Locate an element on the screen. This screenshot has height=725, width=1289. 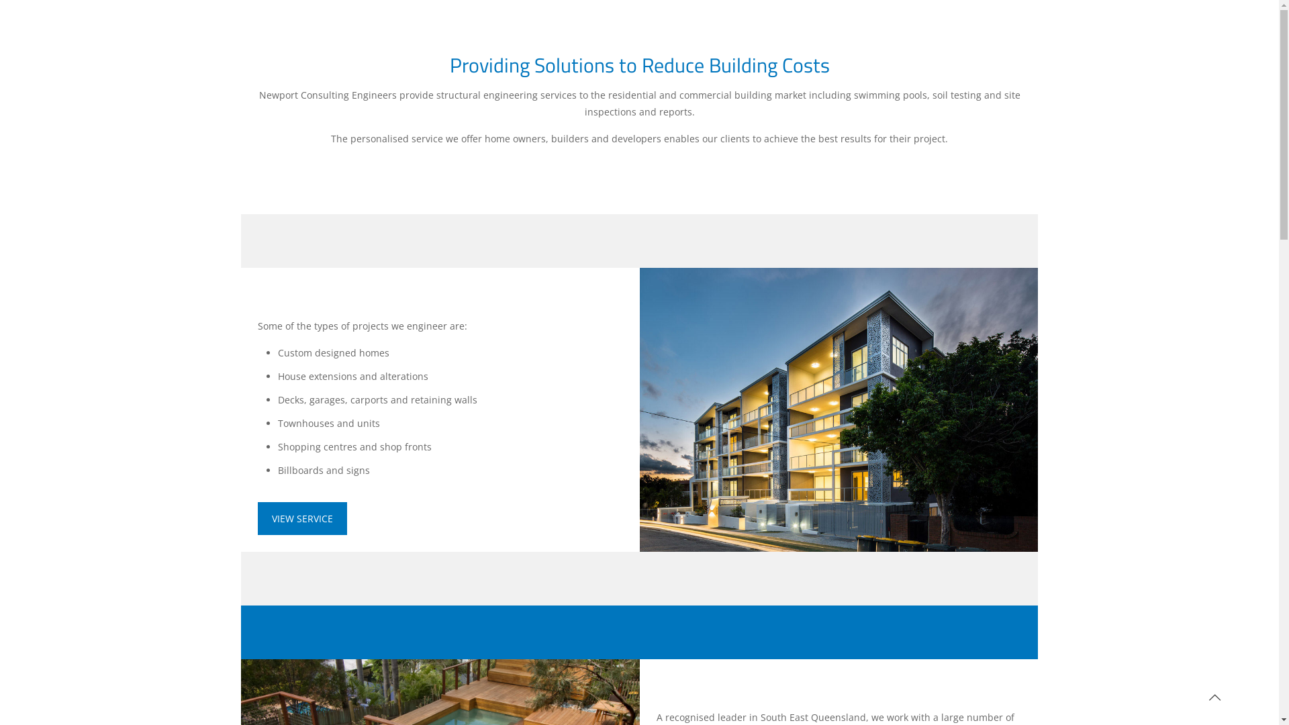
'VIEW SERVICE' is located at coordinates (301, 518).